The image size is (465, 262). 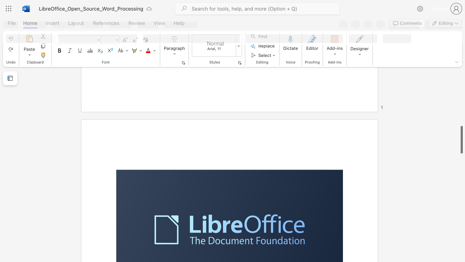 What do you see at coordinates (461, 73) in the screenshot?
I see `the scrollbar on the right side to scroll the page up` at bounding box center [461, 73].